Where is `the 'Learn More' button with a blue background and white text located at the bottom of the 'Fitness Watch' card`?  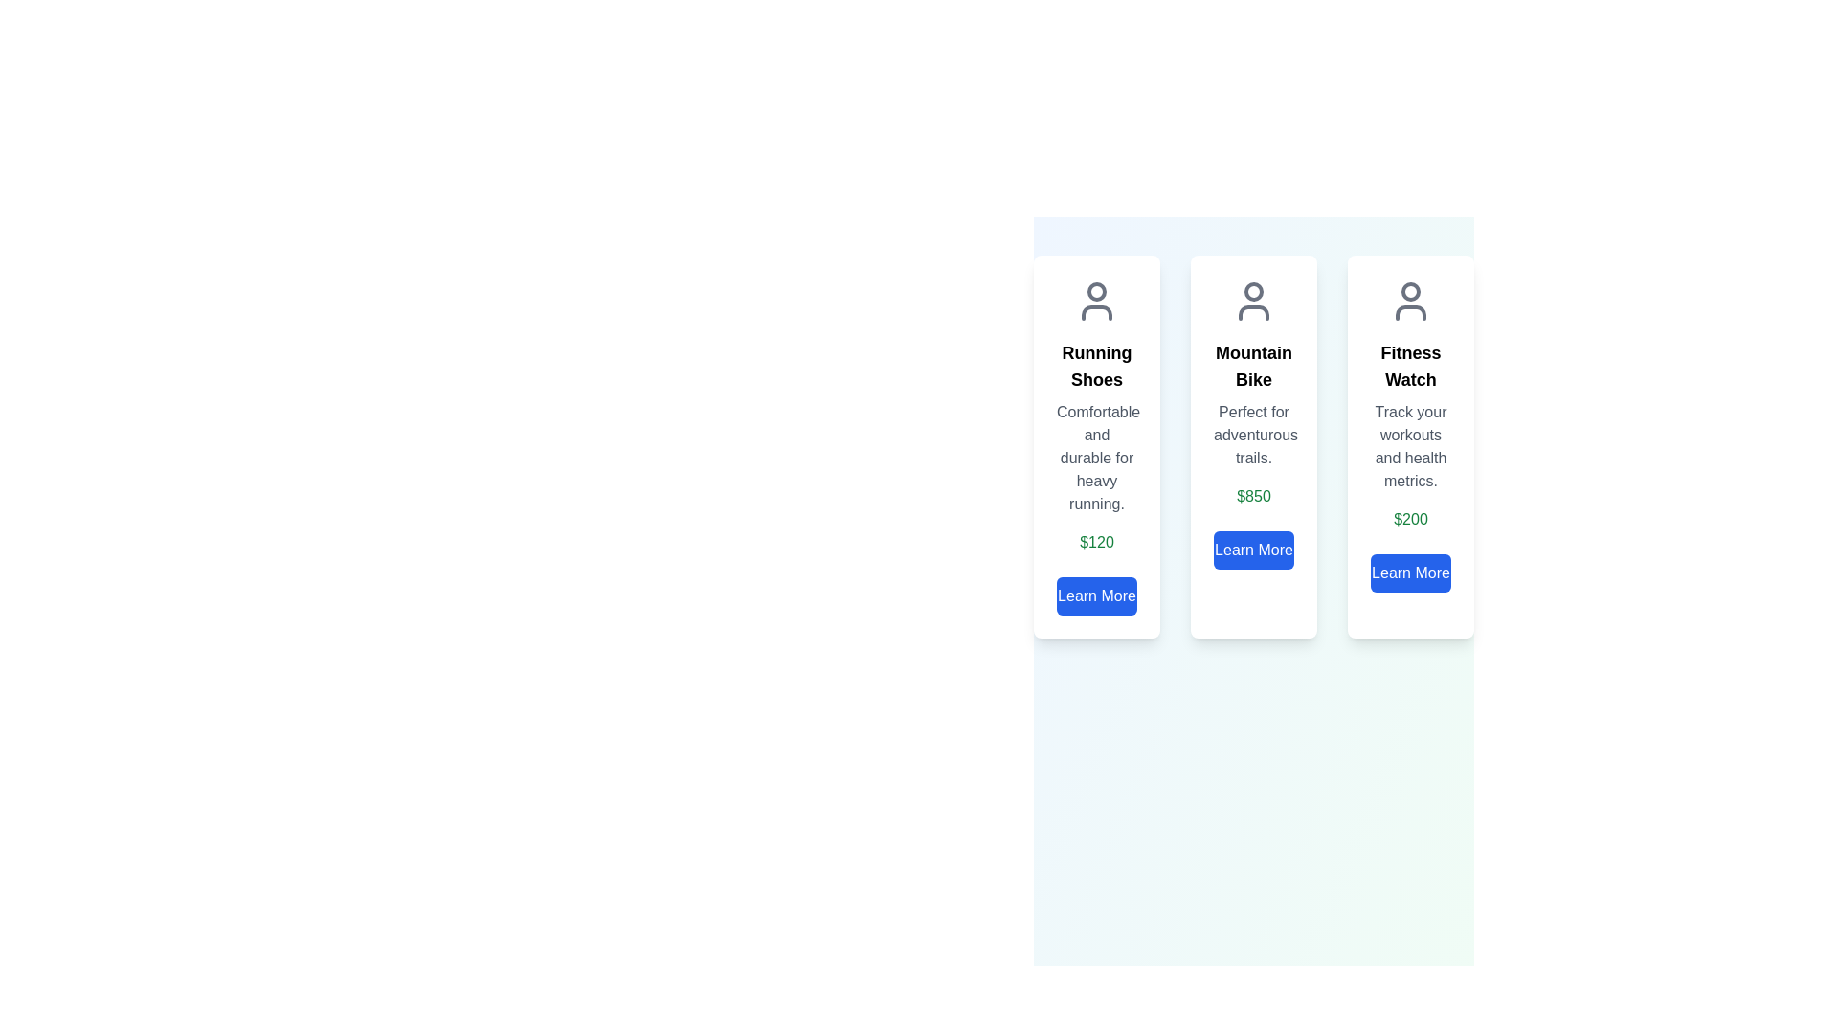 the 'Learn More' button with a blue background and white text located at the bottom of the 'Fitness Watch' card is located at coordinates (1410, 572).